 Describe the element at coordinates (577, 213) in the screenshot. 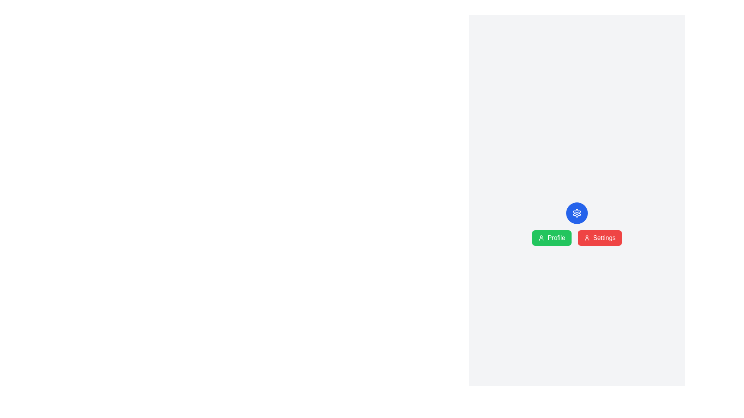

I see `the gear icon representing the settings function, located at the center of the blue circular button labeled 'Configure Settings'` at that location.